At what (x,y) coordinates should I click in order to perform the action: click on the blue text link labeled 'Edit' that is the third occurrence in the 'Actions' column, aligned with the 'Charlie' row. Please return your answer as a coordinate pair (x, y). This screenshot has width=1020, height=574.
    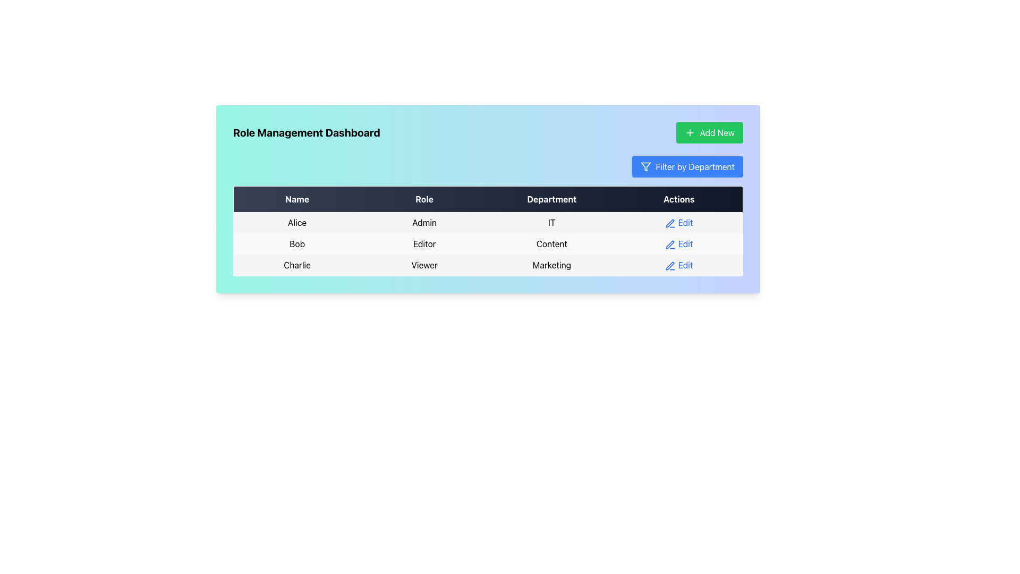
    Looking at the image, I should click on (678, 264).